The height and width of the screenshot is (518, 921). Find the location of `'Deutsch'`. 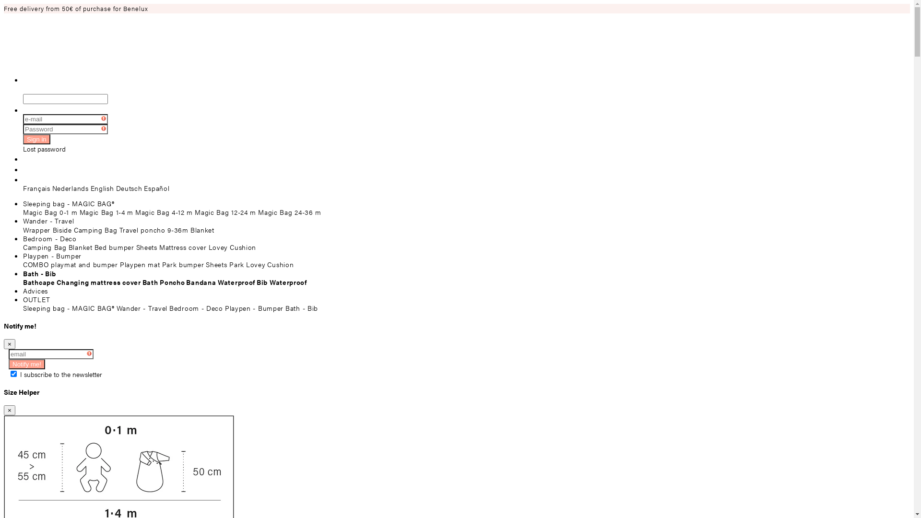

'Deutsch' is located at coordinates (129, 188).